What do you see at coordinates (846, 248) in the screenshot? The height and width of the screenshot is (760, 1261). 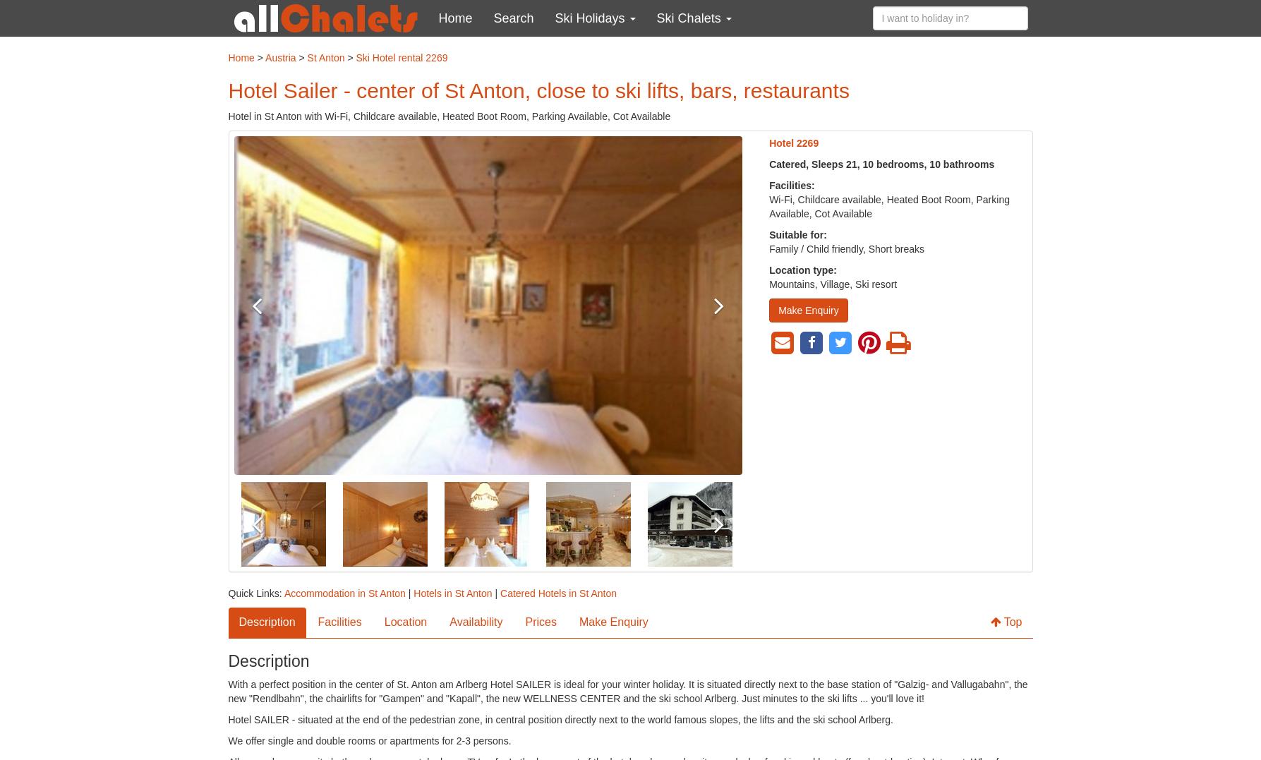 I see `'Family / Child friendly, Short breaks'` at bounding box center [846, 248].